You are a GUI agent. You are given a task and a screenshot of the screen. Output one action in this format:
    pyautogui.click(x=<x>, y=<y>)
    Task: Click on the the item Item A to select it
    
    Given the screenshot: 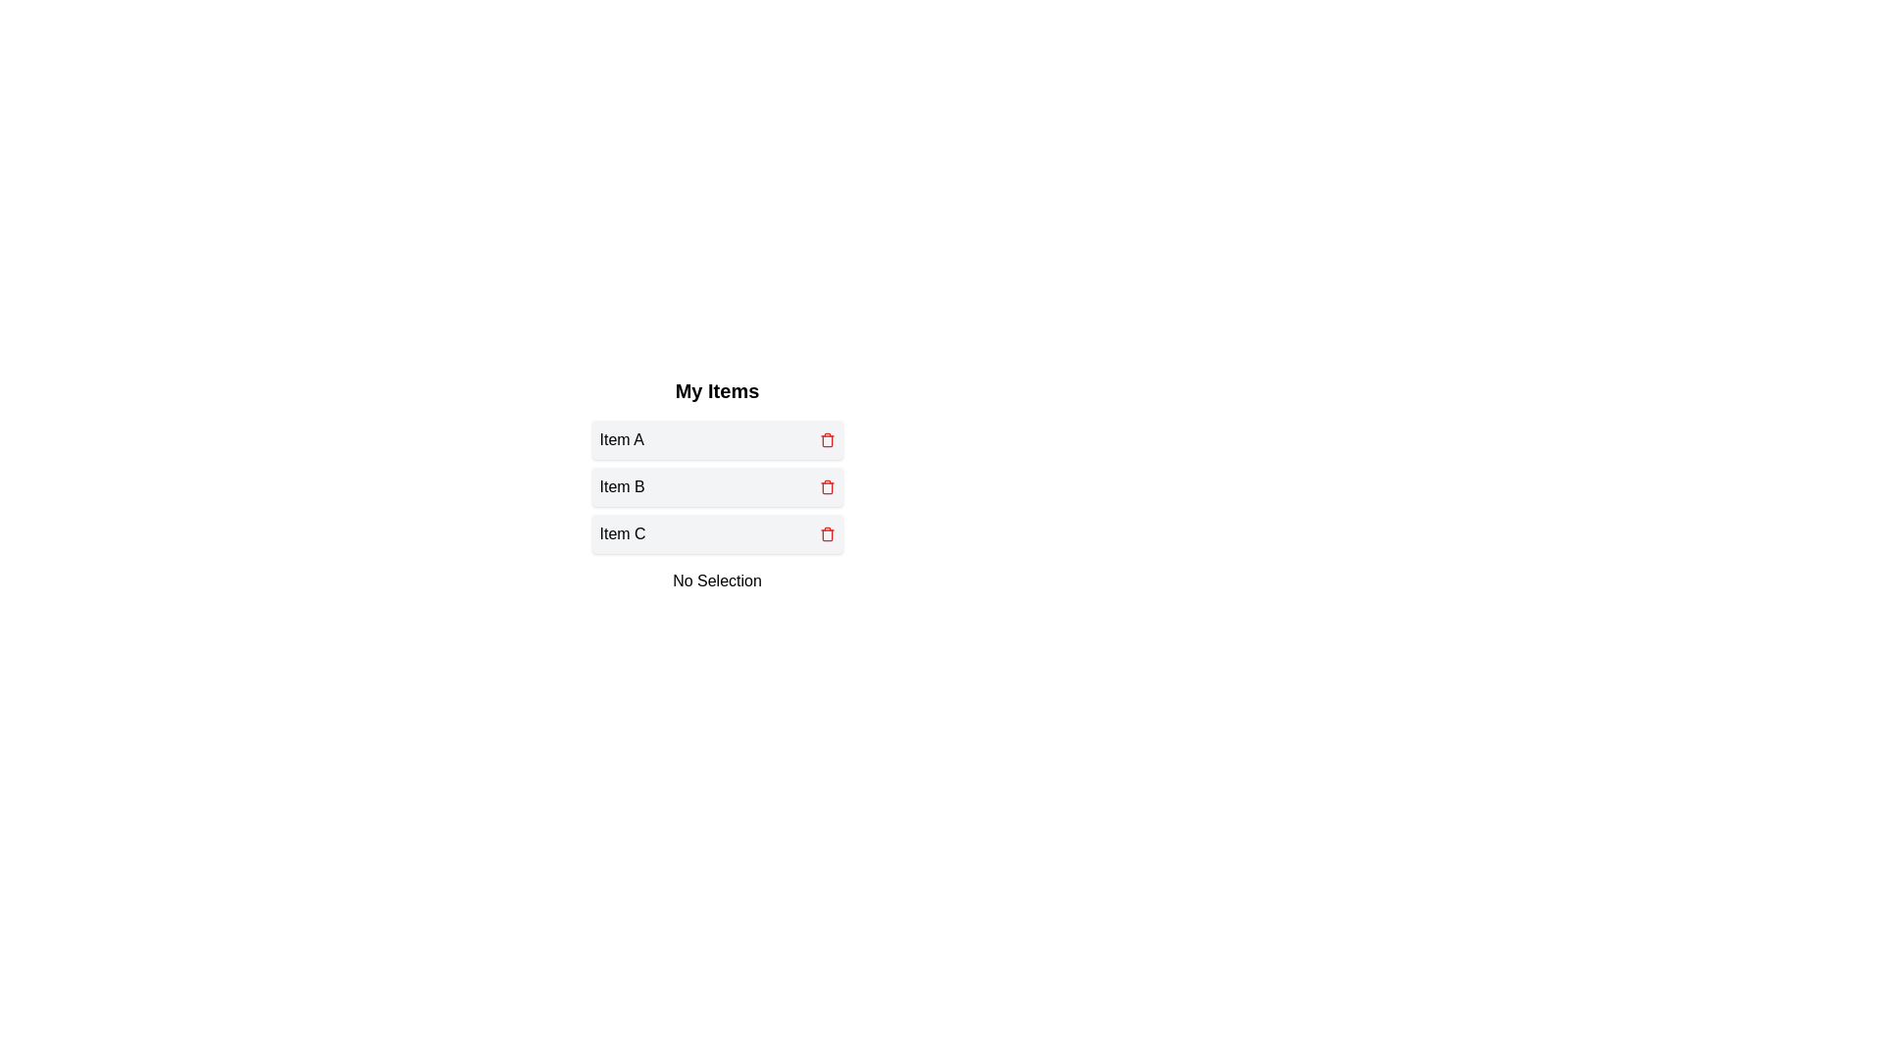 What is the action you would take?
    pyautogui.click(x=716, y=438)
    